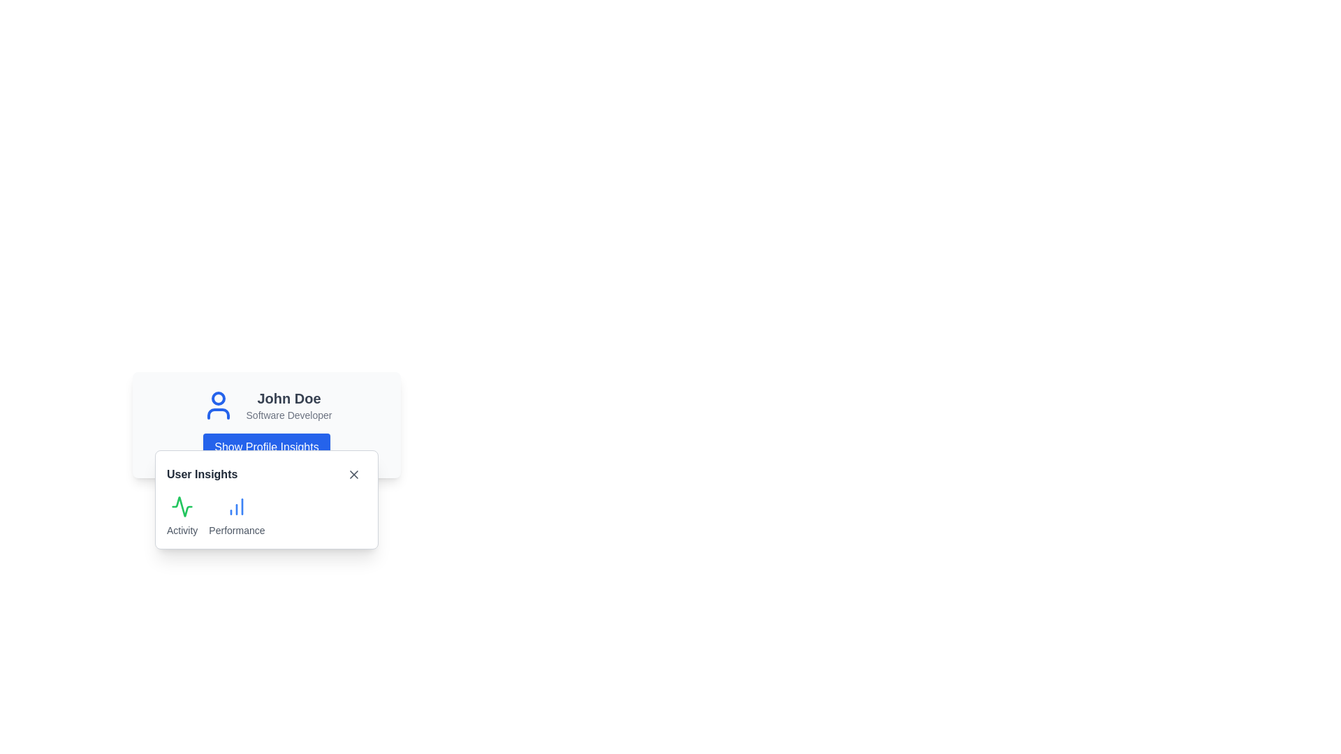 The image size is (1341, 754). I want to click on the 'Activity' or 'Performance' sections of the 'User Insights' modal, so click(267, 499).